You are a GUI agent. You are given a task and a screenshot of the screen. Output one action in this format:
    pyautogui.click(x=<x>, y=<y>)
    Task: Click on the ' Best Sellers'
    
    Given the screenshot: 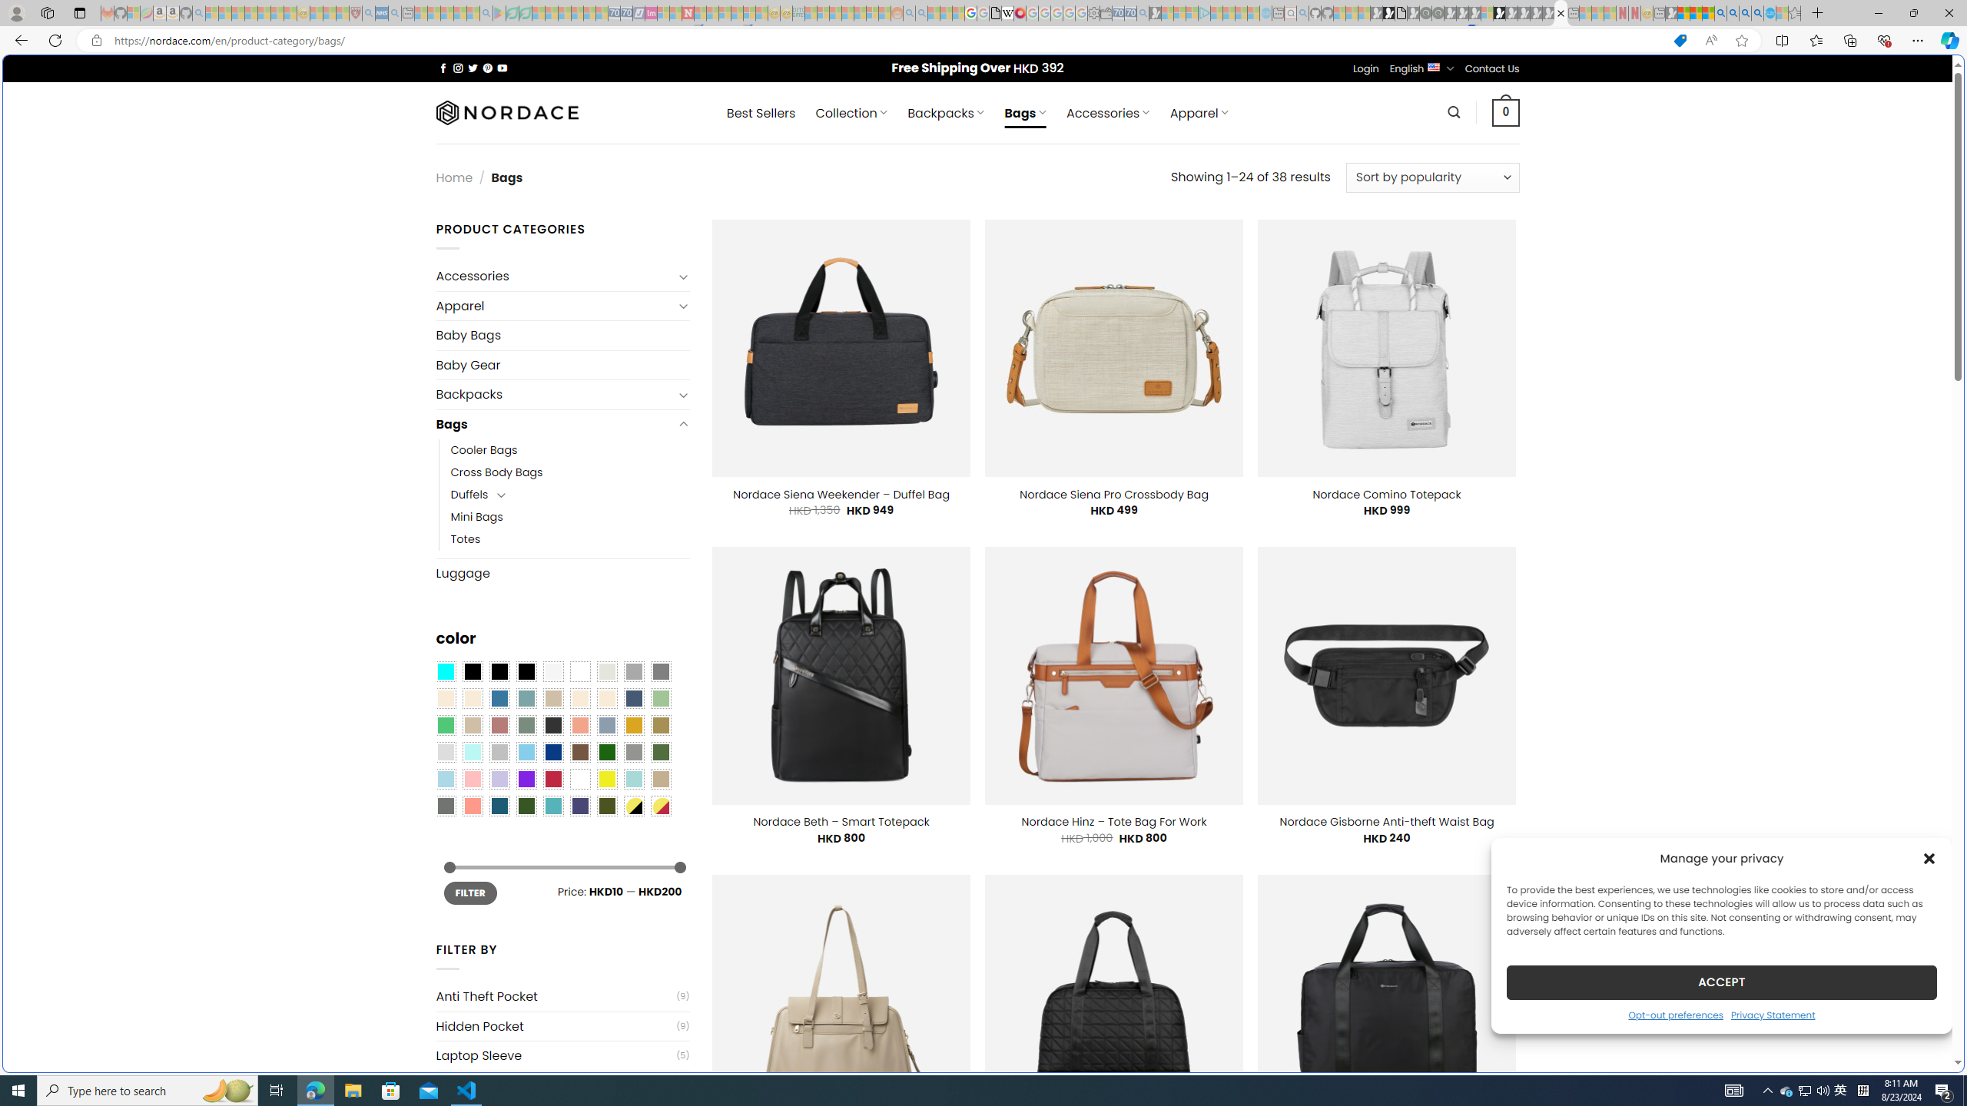 What is the action you would take?
    pyautogui.click(x=761, y=112)
    